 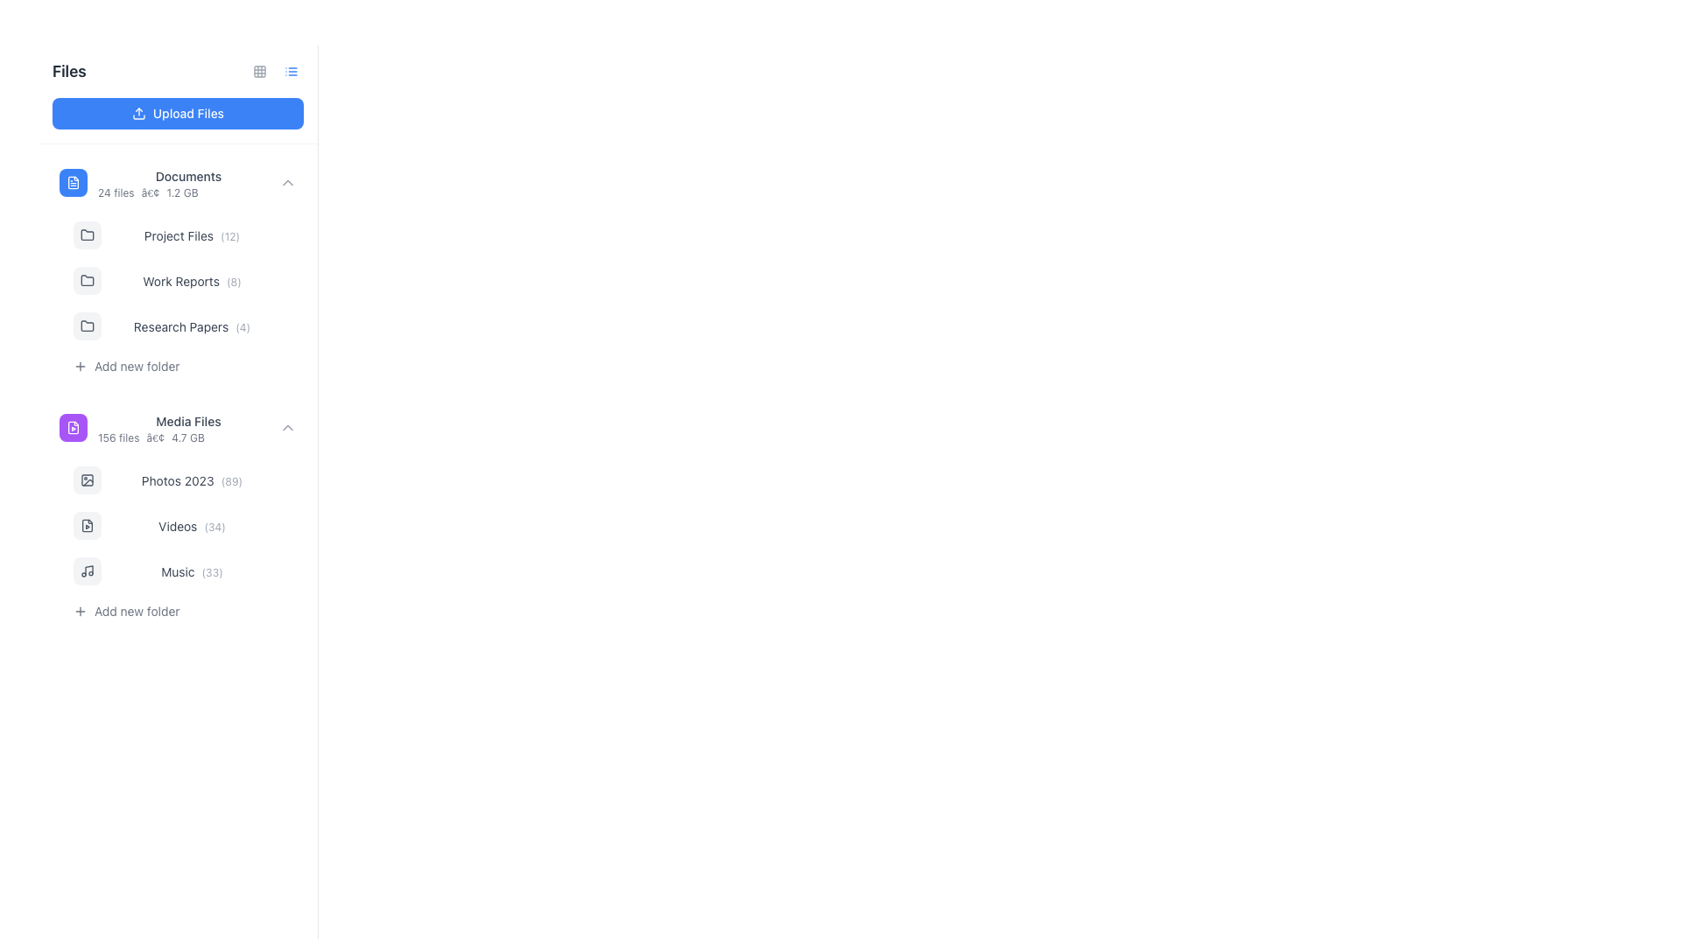 I want to click on the 'Documents' text label, which is styled with a smaller font size, medium font weight, and gray color, located within the file listing interface to the right of a file icon, so click(x=188, y=176).